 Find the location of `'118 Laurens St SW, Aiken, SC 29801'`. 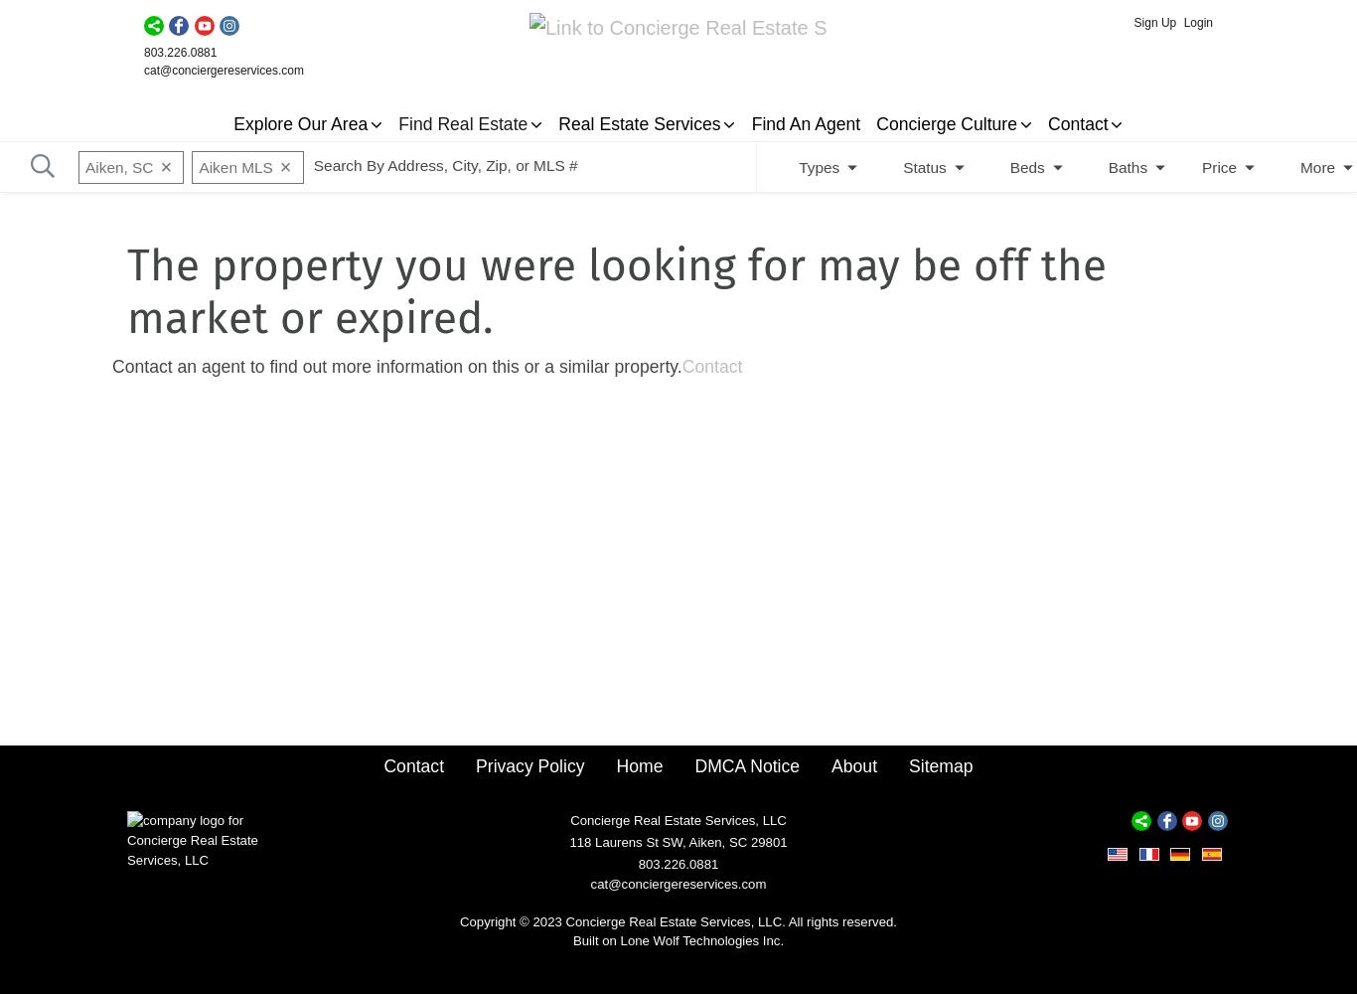

'118 Laurens St SW, Aiken, SC 29801' is located at coordinates (677, 841).